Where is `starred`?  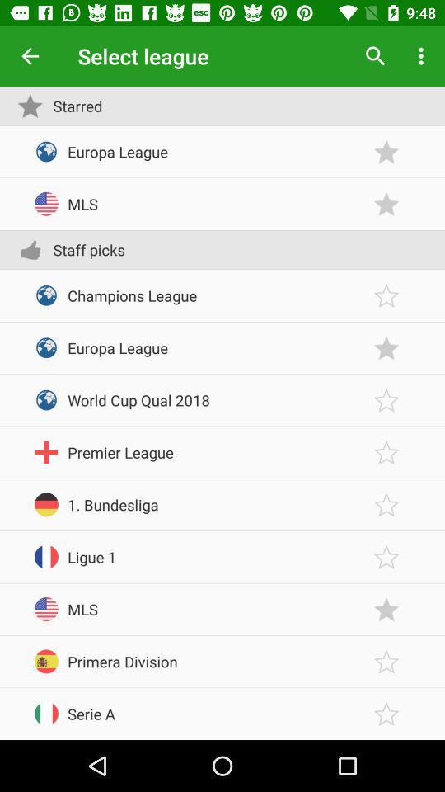 starred is located at coordinates (386, 399).